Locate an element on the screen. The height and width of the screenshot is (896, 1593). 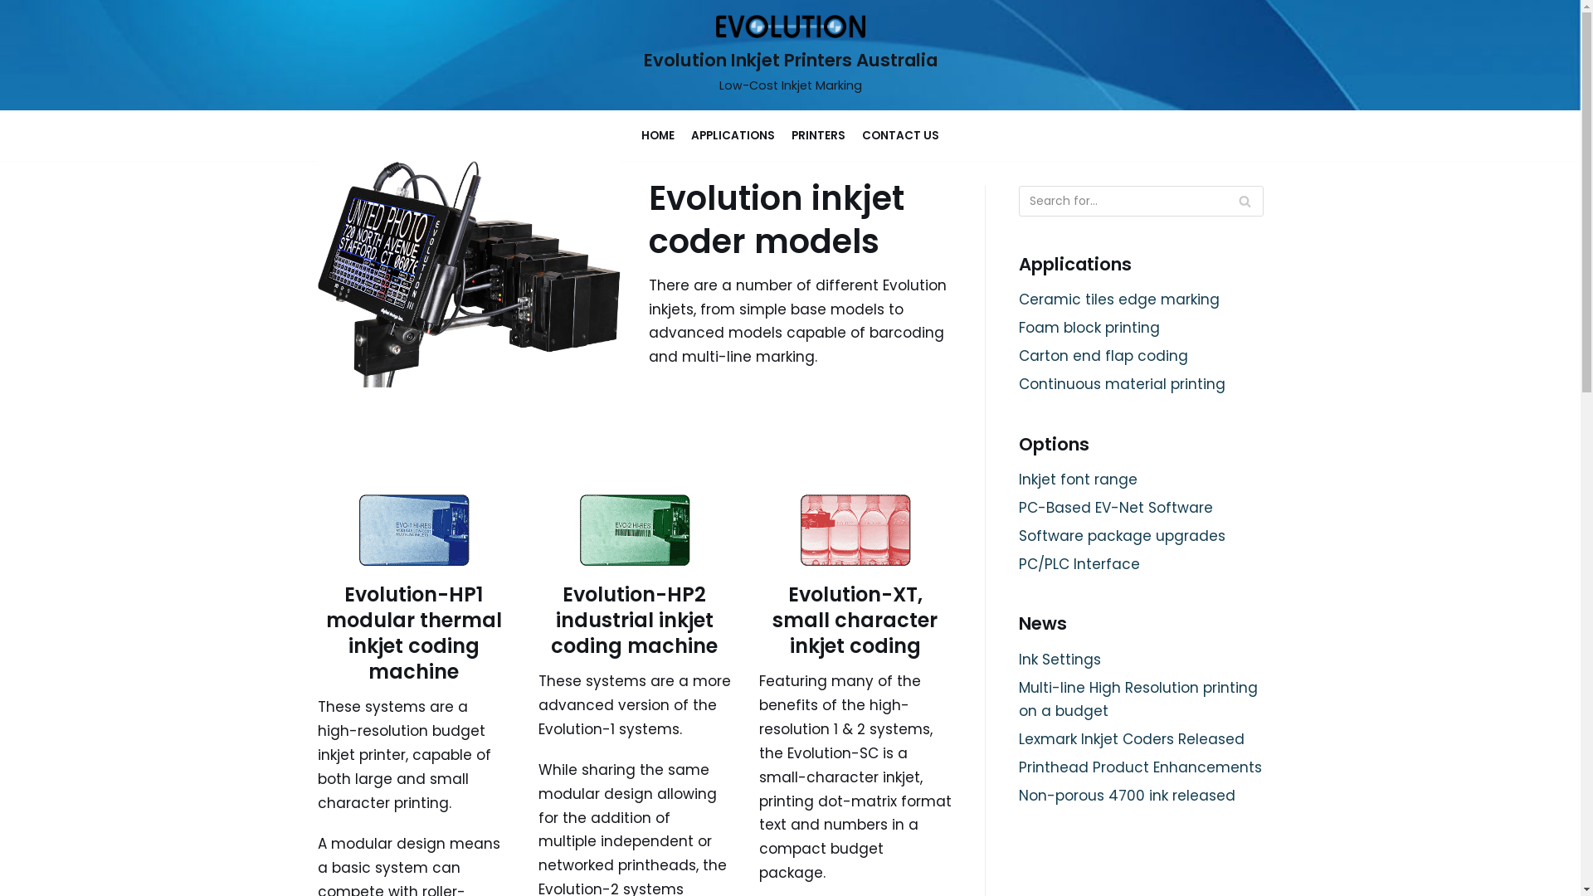
'Carton end flap coding' is located at coordinates (1103, 354).